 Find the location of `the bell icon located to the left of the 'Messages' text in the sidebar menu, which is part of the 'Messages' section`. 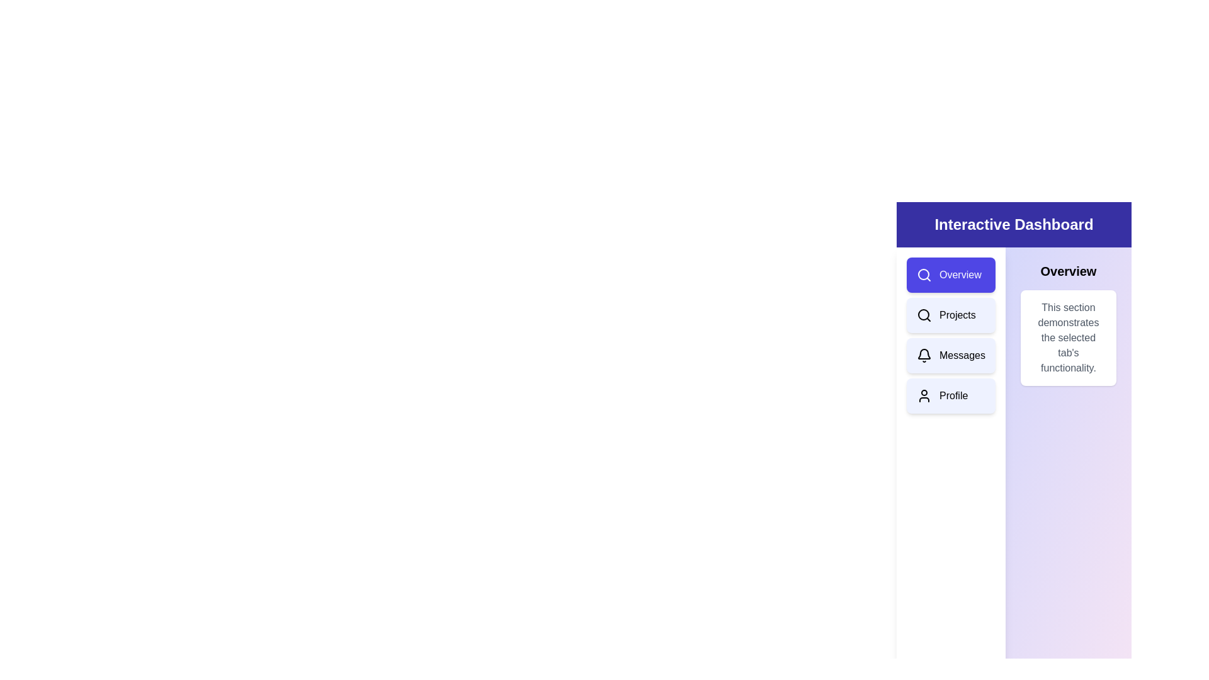

the bell icon located to the left of the 'Messages' text in the sidebar menu, which is part of the 'Messages' section is located at coordinates (924, 355).